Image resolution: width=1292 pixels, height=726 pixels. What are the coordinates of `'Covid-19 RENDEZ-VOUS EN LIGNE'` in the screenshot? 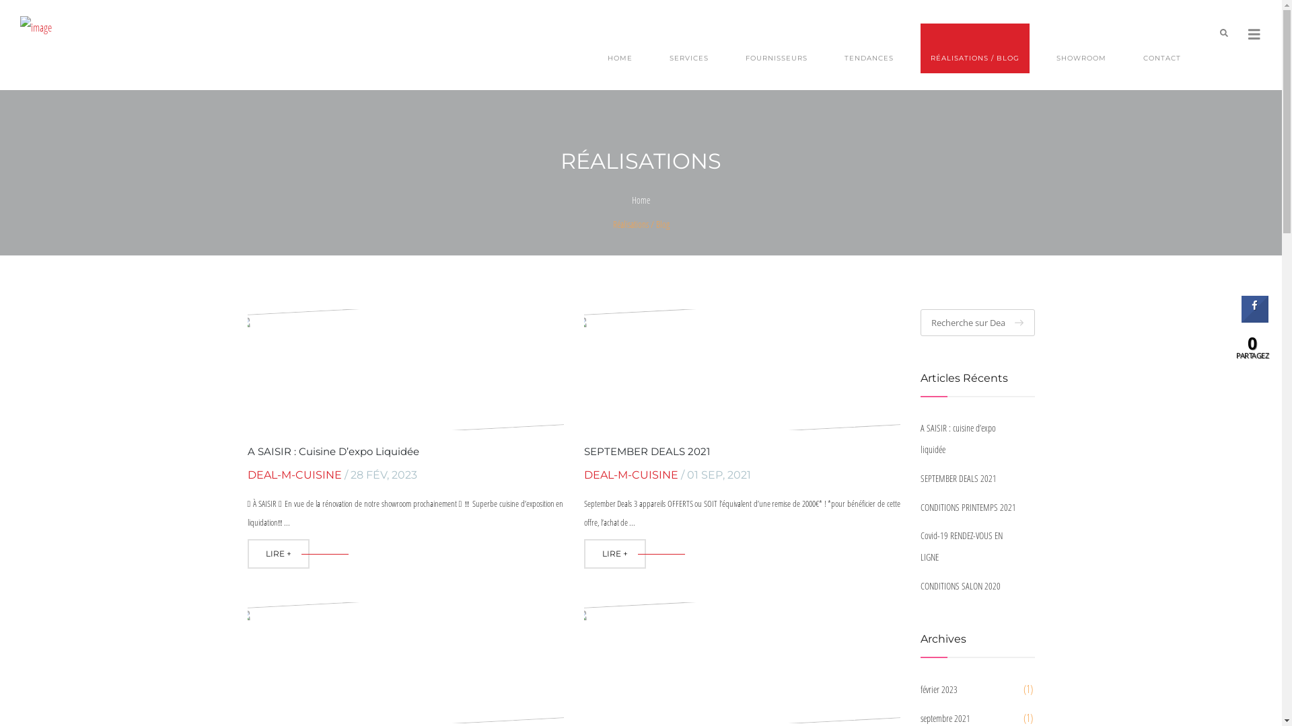 It's located at (971, 547).